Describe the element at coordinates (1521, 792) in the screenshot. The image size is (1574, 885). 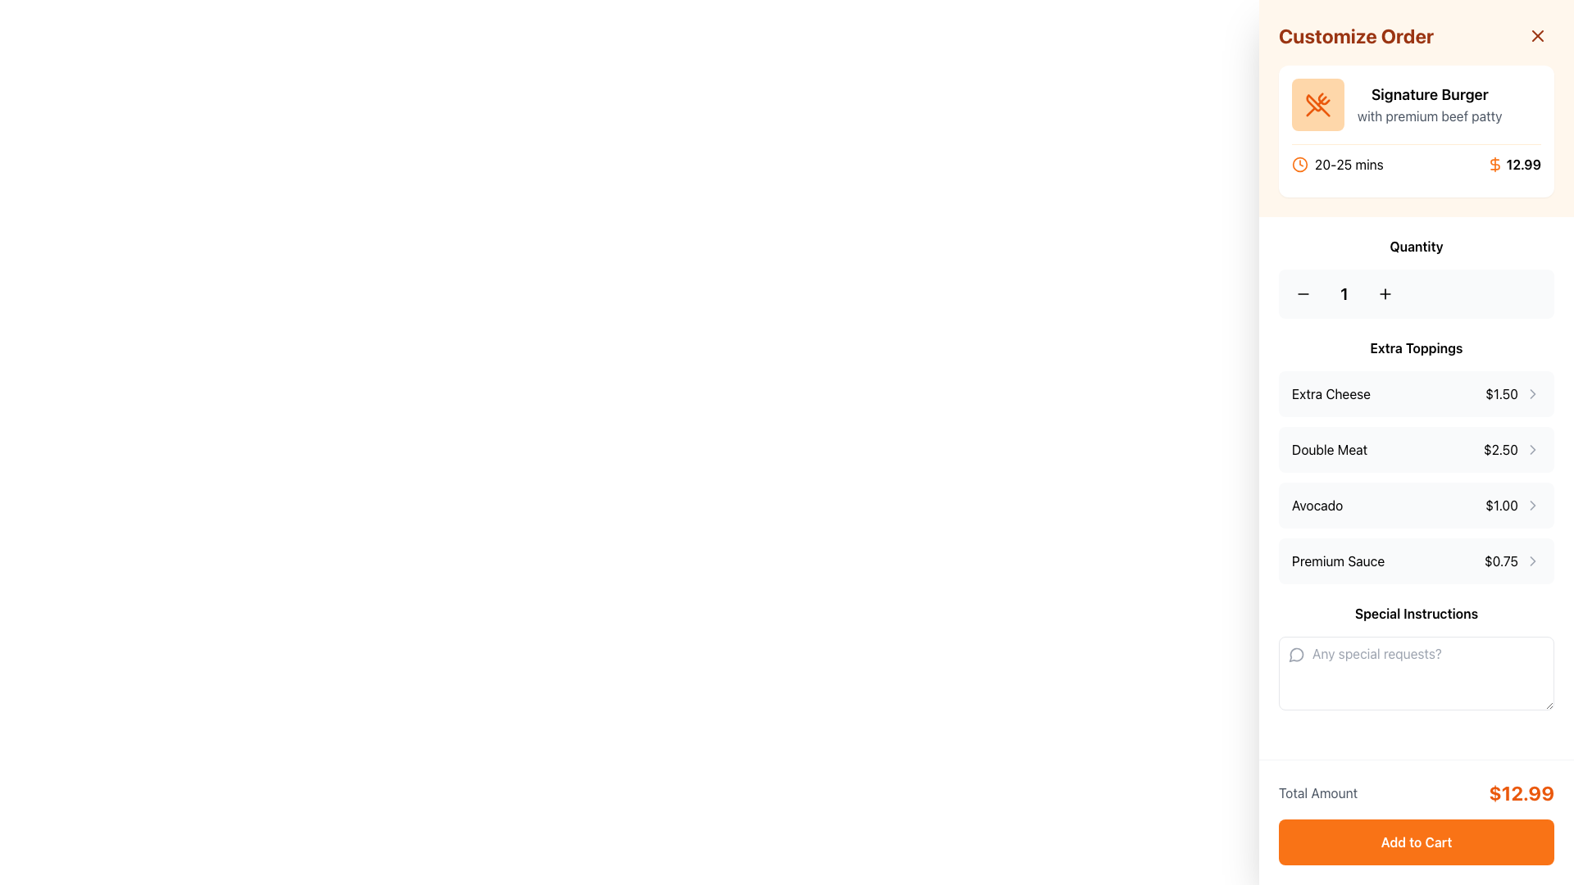
I see `the text display showing the amount '$12.99' in large, bold orange font located in the lower-right corner of the interface, next to 'Total Amount'` at that location.